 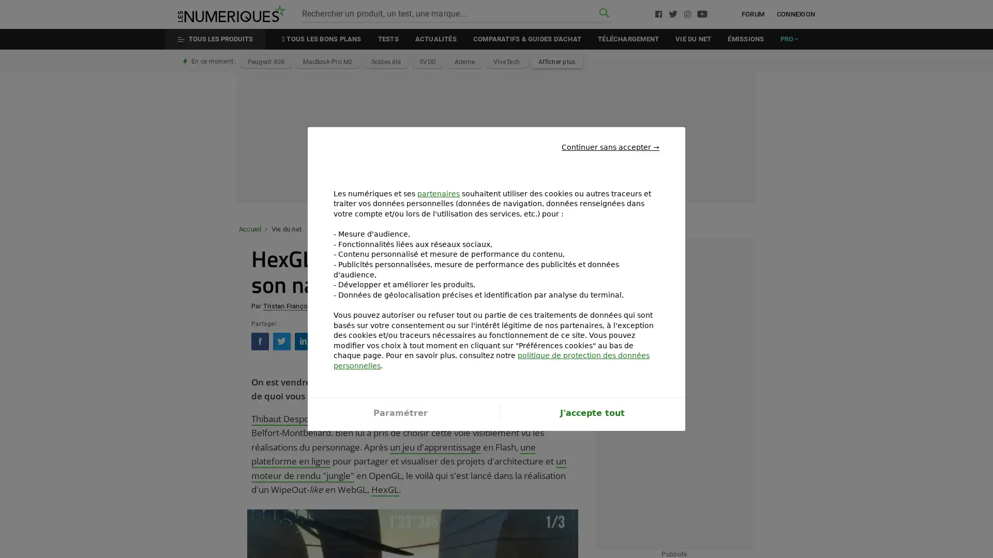 I want to click on Configurer vos consentements, so click(x=400, y=421).